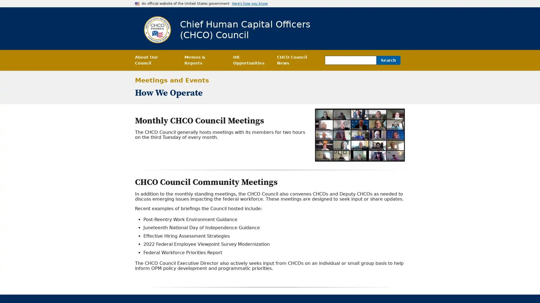 Image resolution: width=540 pixels, height=303 pixels. Describe the element at coordinates (388, 60) in the screenshot. I see `Search` at that location.